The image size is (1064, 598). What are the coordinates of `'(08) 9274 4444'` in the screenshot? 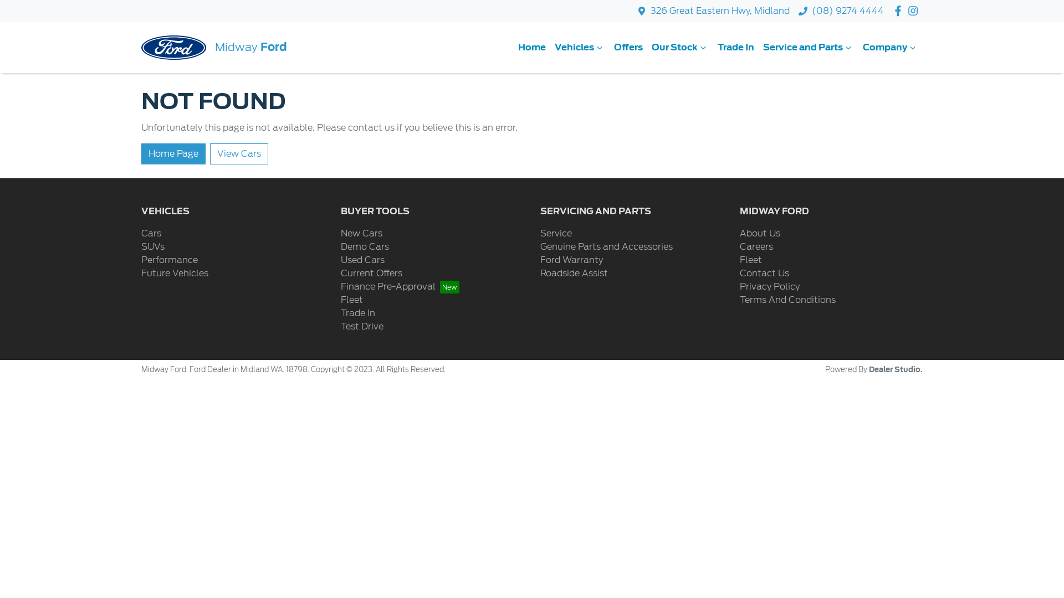 It's located at (847, 11).